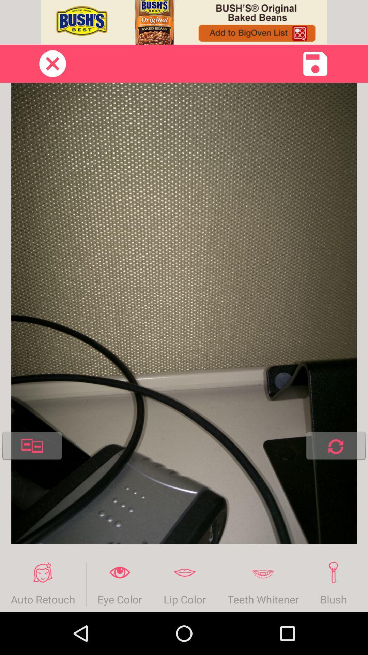  Describe the element at coordinates (362, 584) in the screenshot. I see `the item next to blush` at that location.